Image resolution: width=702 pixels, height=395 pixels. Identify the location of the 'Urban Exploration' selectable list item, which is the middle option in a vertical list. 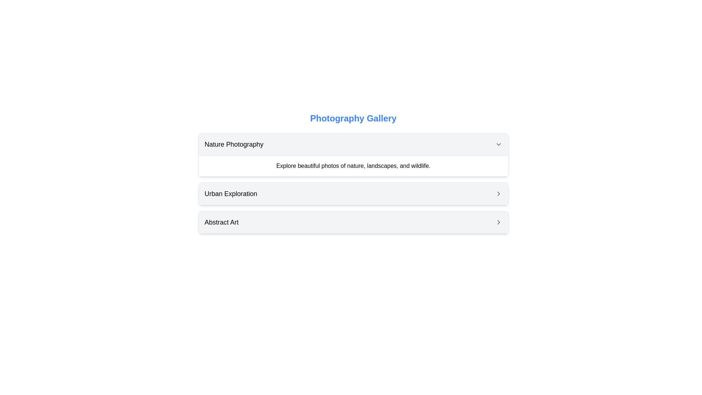
(353, 193).